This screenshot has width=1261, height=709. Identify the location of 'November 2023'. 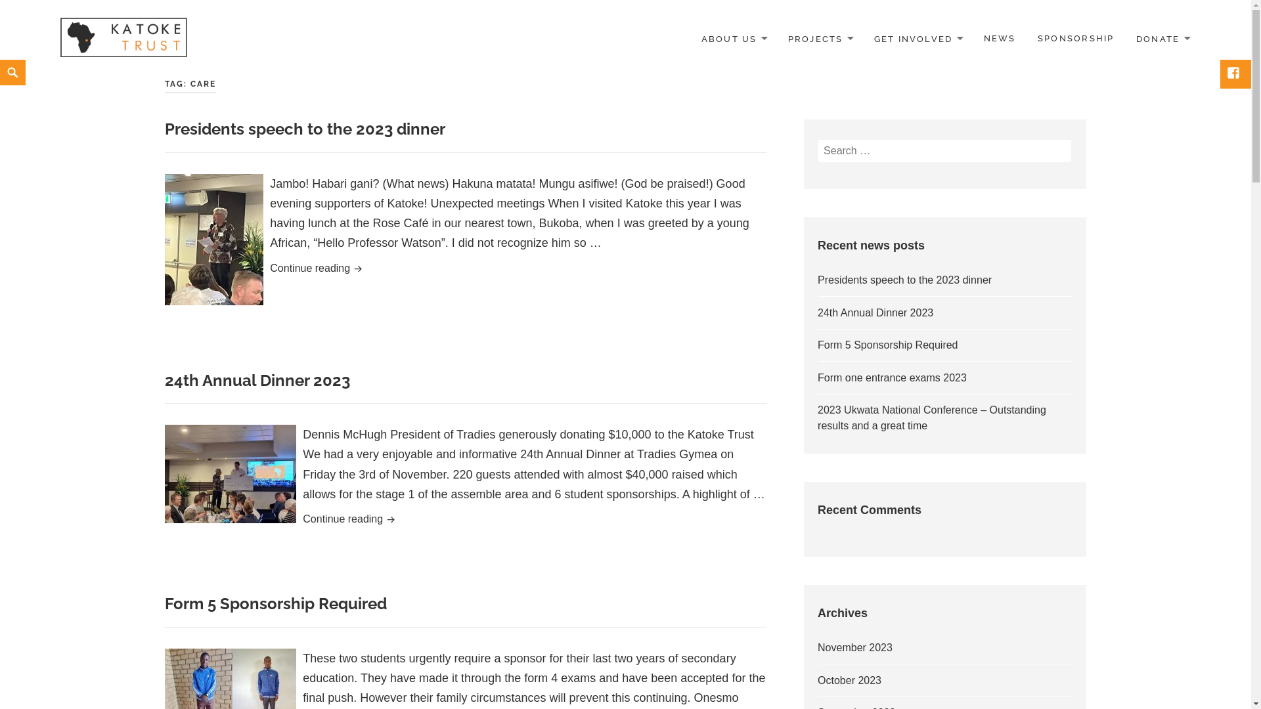
(854, 647).